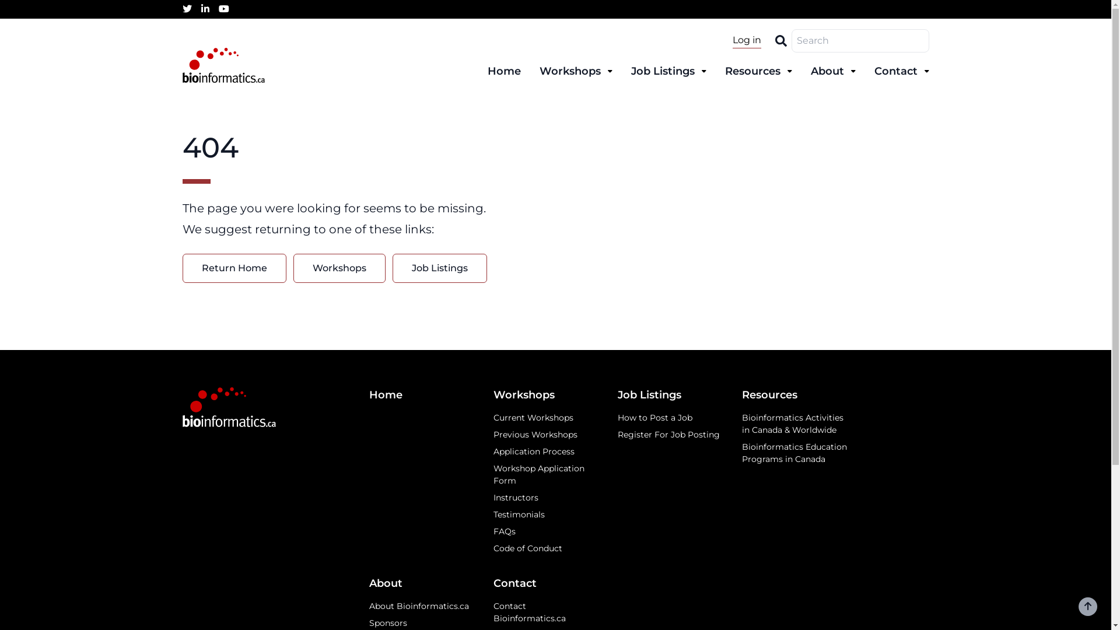 The image size is (1120, 630). Describe the element at coordinates (617, 435) in the screenshot. I see `'Register For Job Posting'` at that location.